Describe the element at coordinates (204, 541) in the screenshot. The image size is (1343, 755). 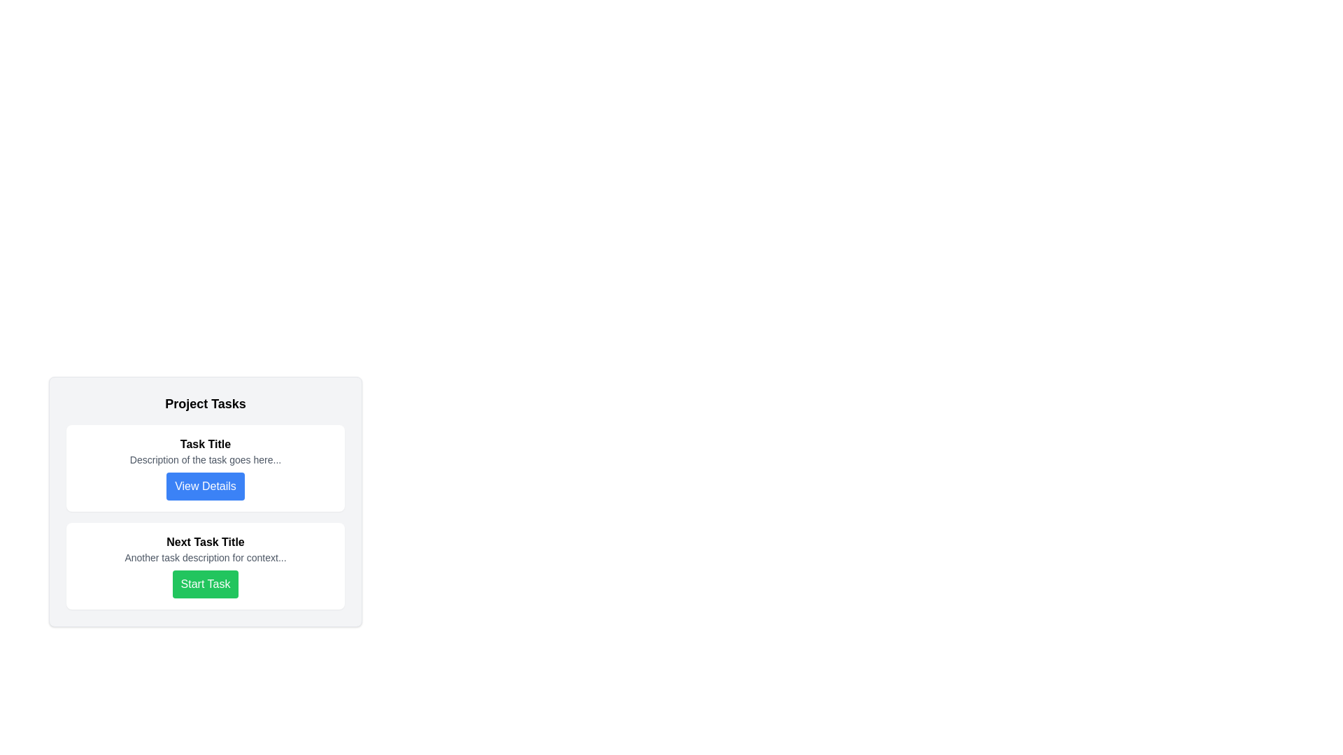
I see `the static text element that reads 'Next Task Title', which is a bold heading located within a task card` at that location.